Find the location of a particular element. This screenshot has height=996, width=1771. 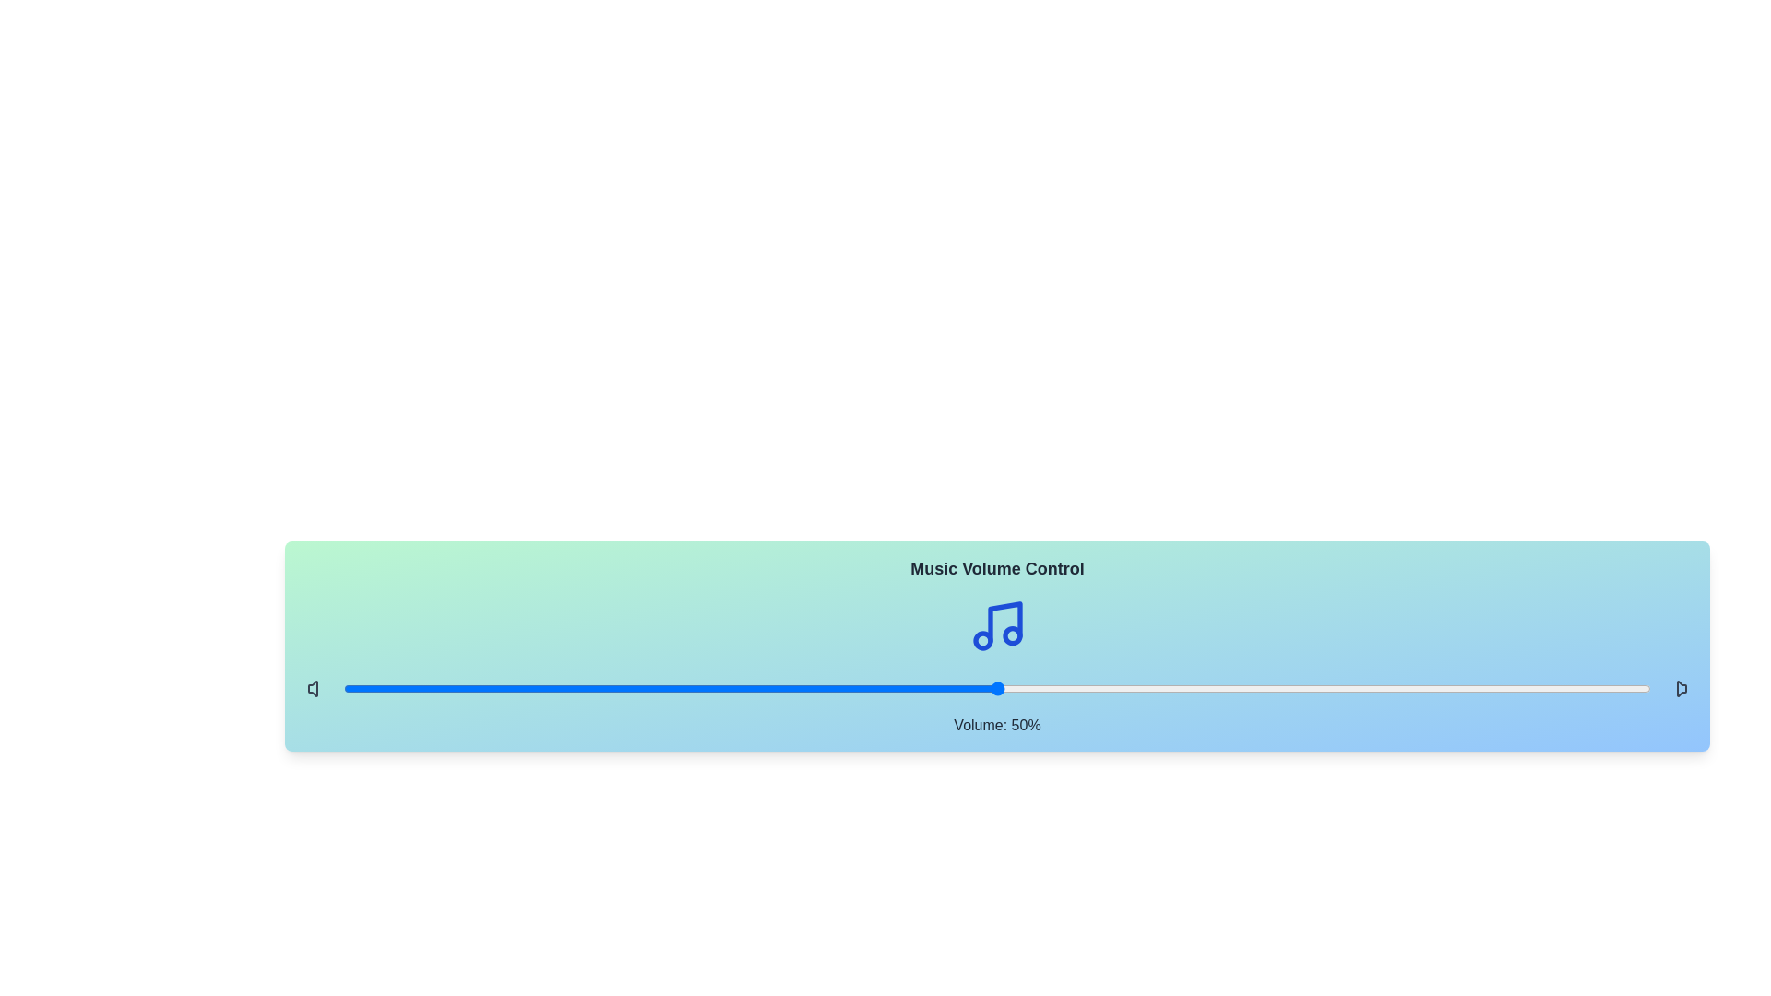

the volume slider to 74% is located at coordinates (1310, 689).